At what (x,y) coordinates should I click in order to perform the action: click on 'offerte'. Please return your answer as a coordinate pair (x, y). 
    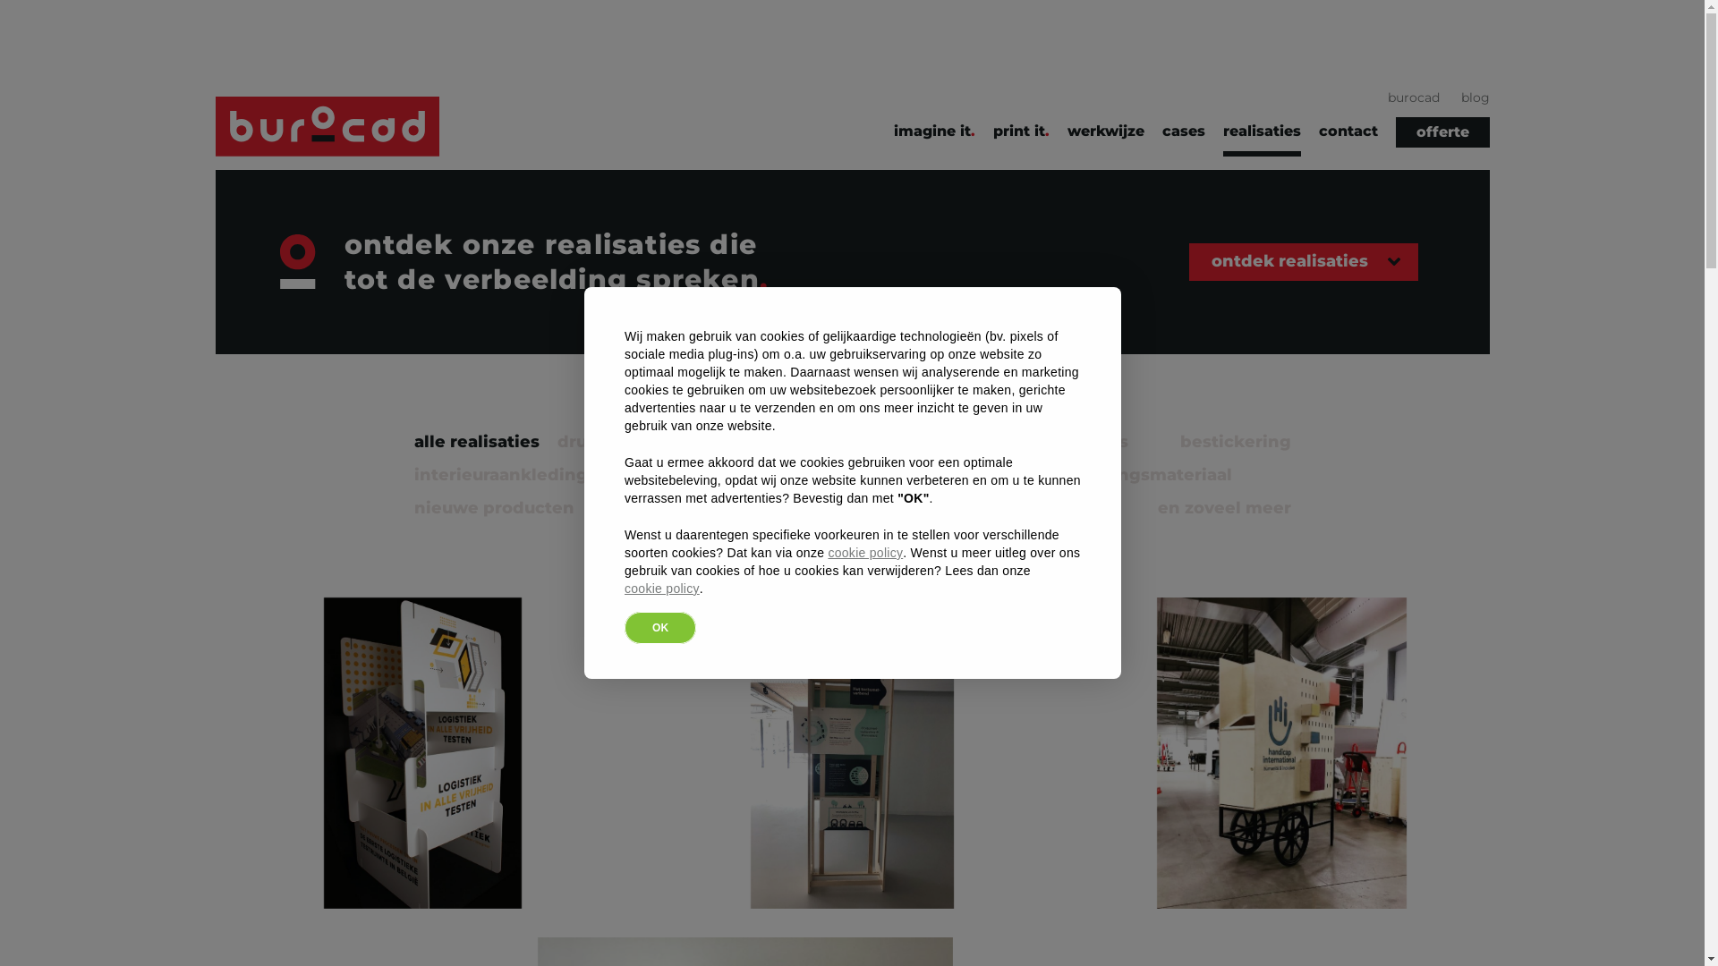
    Looking at the image, I should click on (1442, 131).